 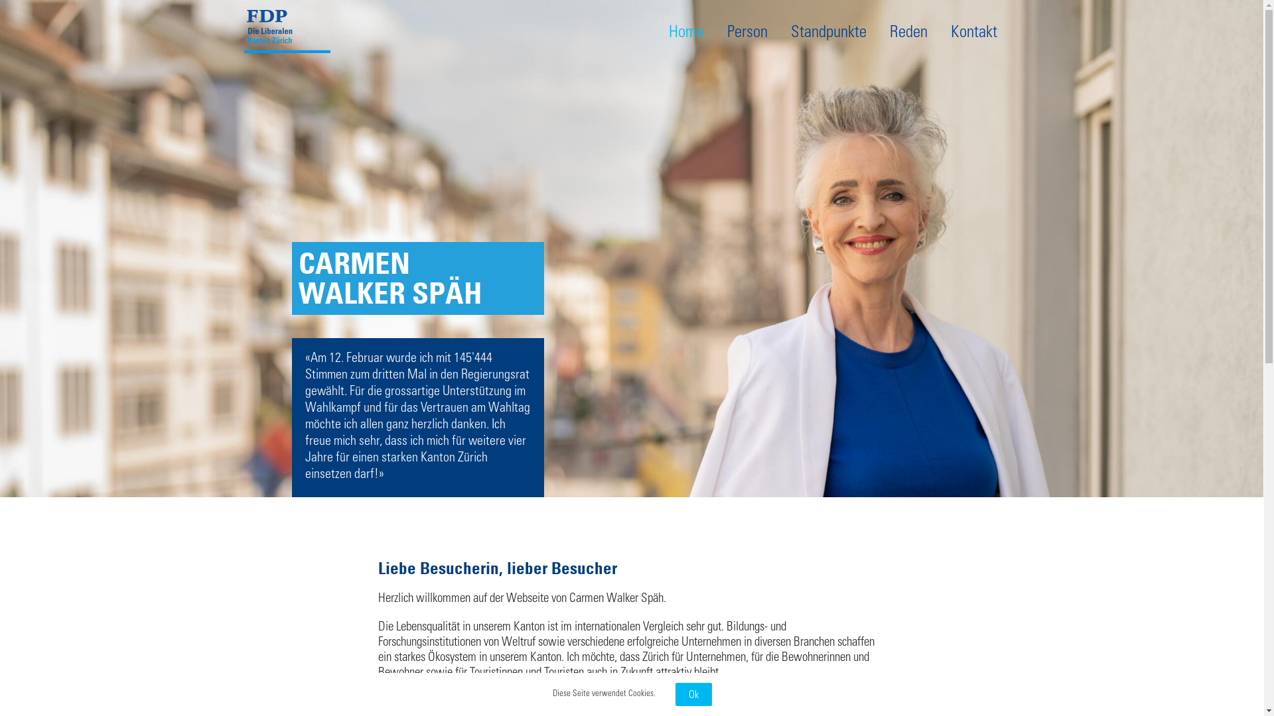 What do you see at coordinates (907, 32) in the screenshot?
I see `'Reden'` at bounding box center [907, 32].